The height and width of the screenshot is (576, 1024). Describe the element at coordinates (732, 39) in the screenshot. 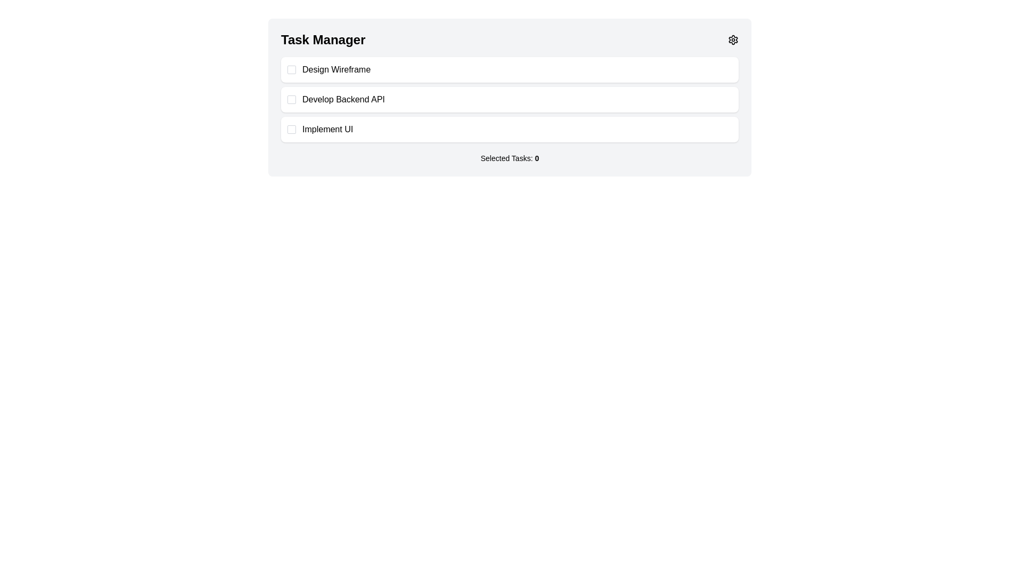

I see `the settings icon located in the top-right corner of the 'Task Manager' section` at that location.